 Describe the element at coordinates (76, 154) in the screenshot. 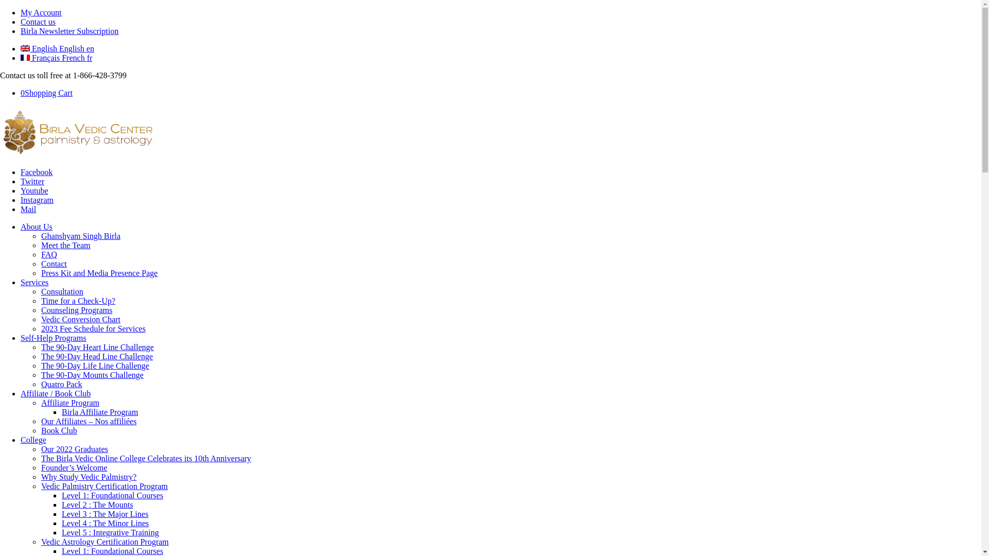

I see `'logo-eng'` at that location.